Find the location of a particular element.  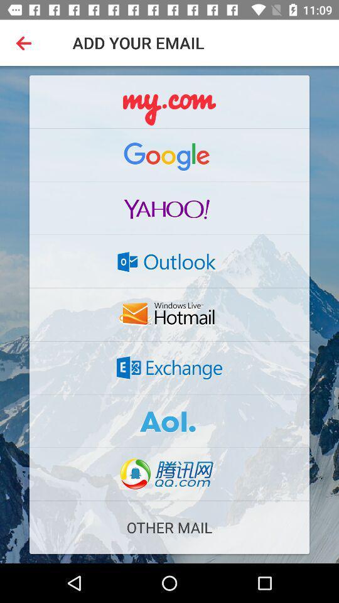

gmail is located at coordinates (169, 154).